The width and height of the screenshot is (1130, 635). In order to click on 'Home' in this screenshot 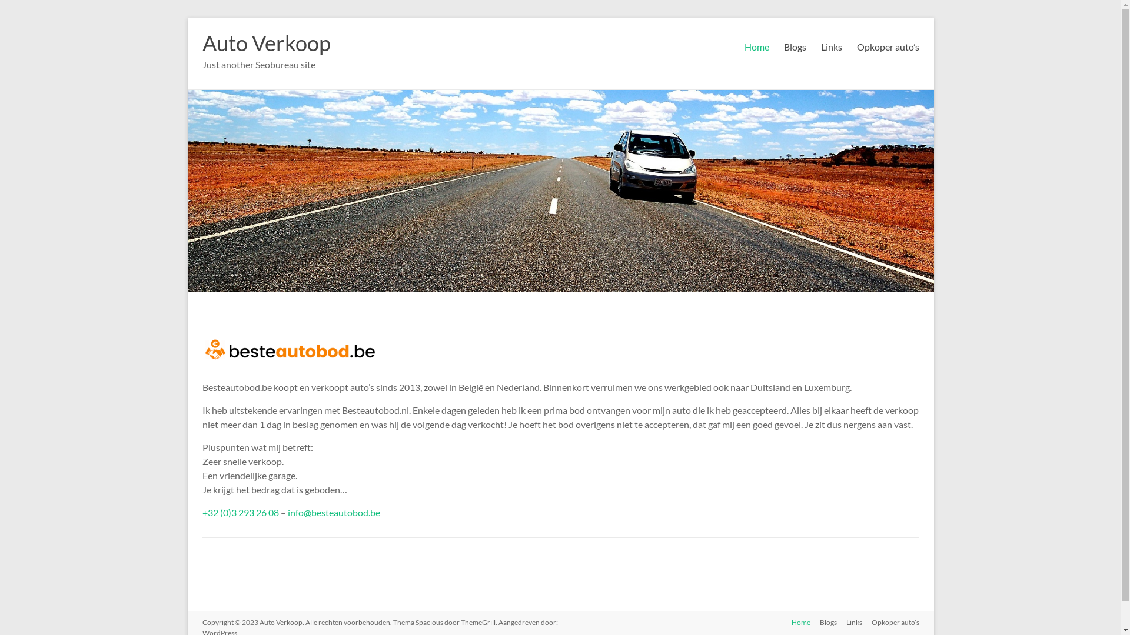, I will do `click(782, 623)`.